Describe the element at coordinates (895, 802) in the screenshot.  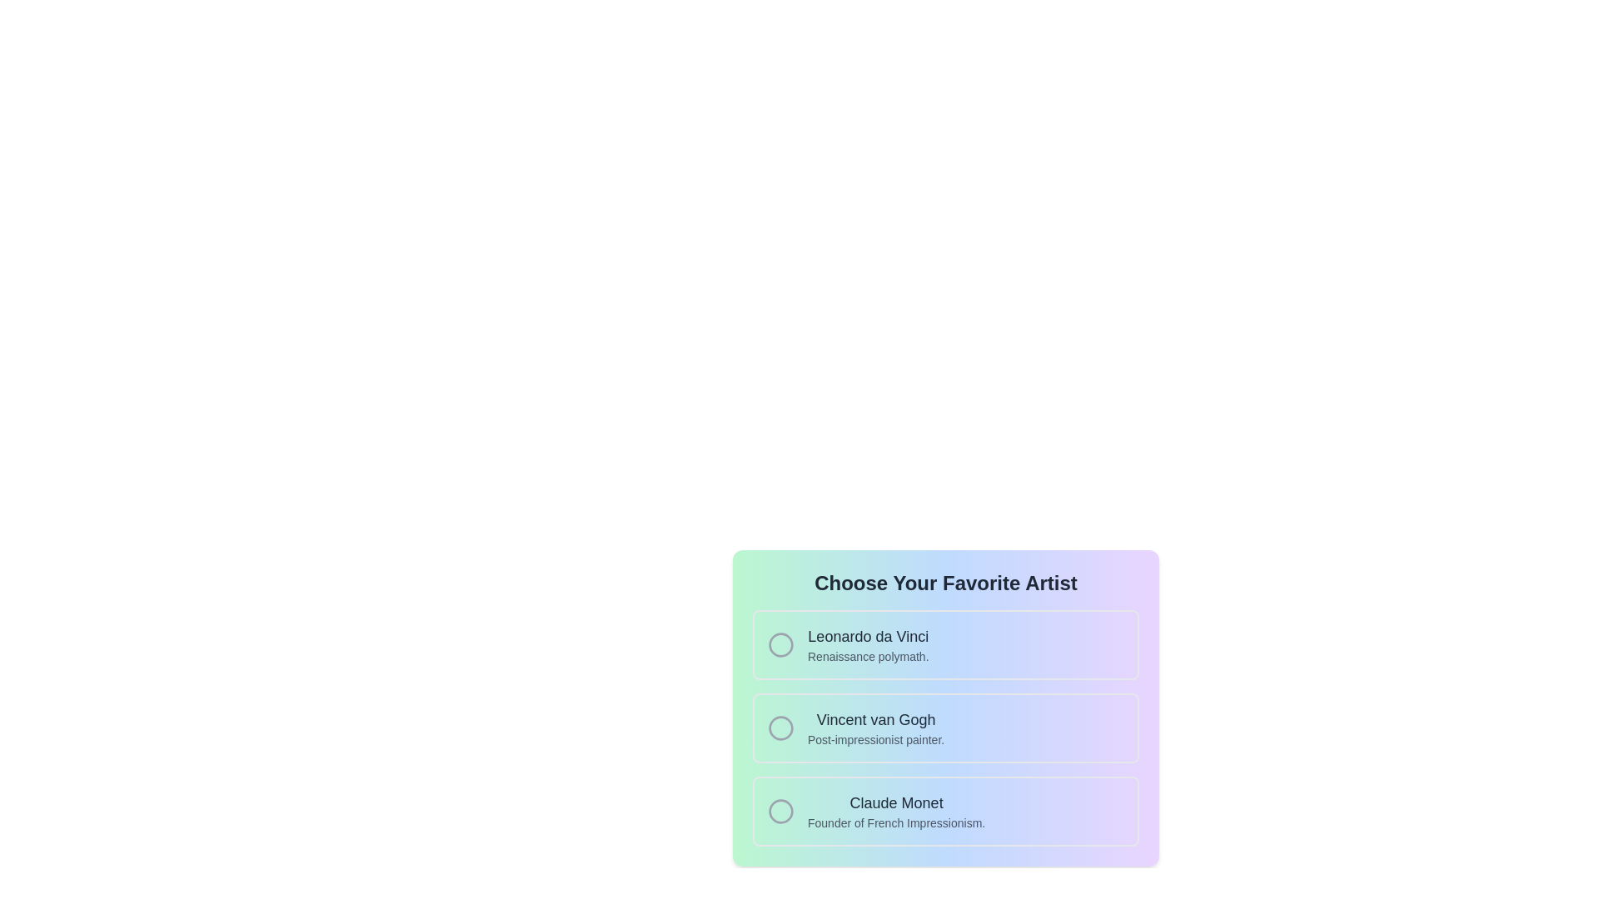
I see `the text label for 'Claude Monet', the third selectable artist option in the list under 'Choose Your Favorite Artist.'` at that location.